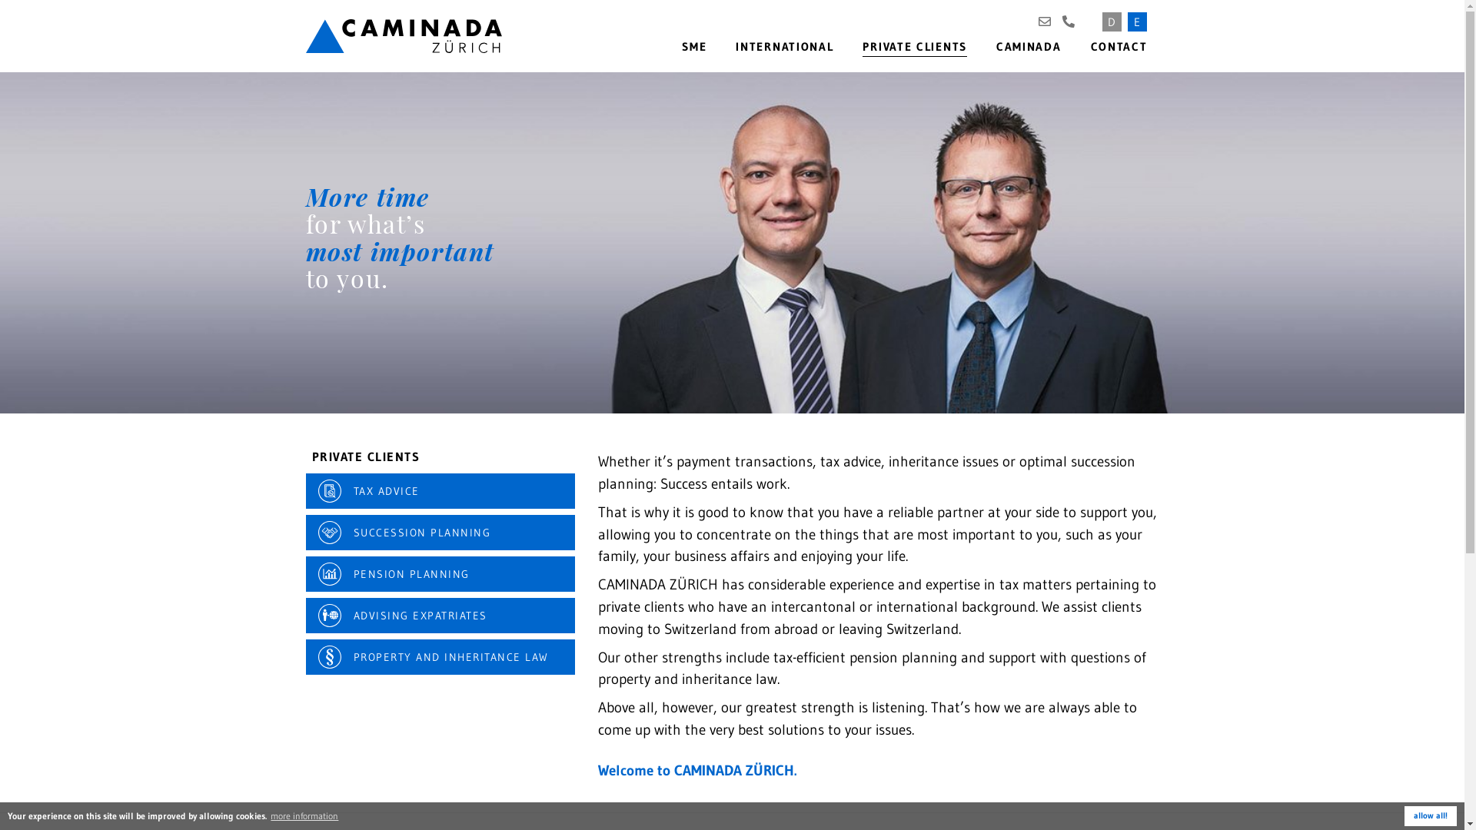 The image size is (1476, 830). Describe the element at coordinates (693, 46) in the screenshot. I see `'SME'` at that location.